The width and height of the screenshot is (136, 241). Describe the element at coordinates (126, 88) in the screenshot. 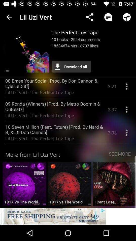

I see `more info on song` at that location.